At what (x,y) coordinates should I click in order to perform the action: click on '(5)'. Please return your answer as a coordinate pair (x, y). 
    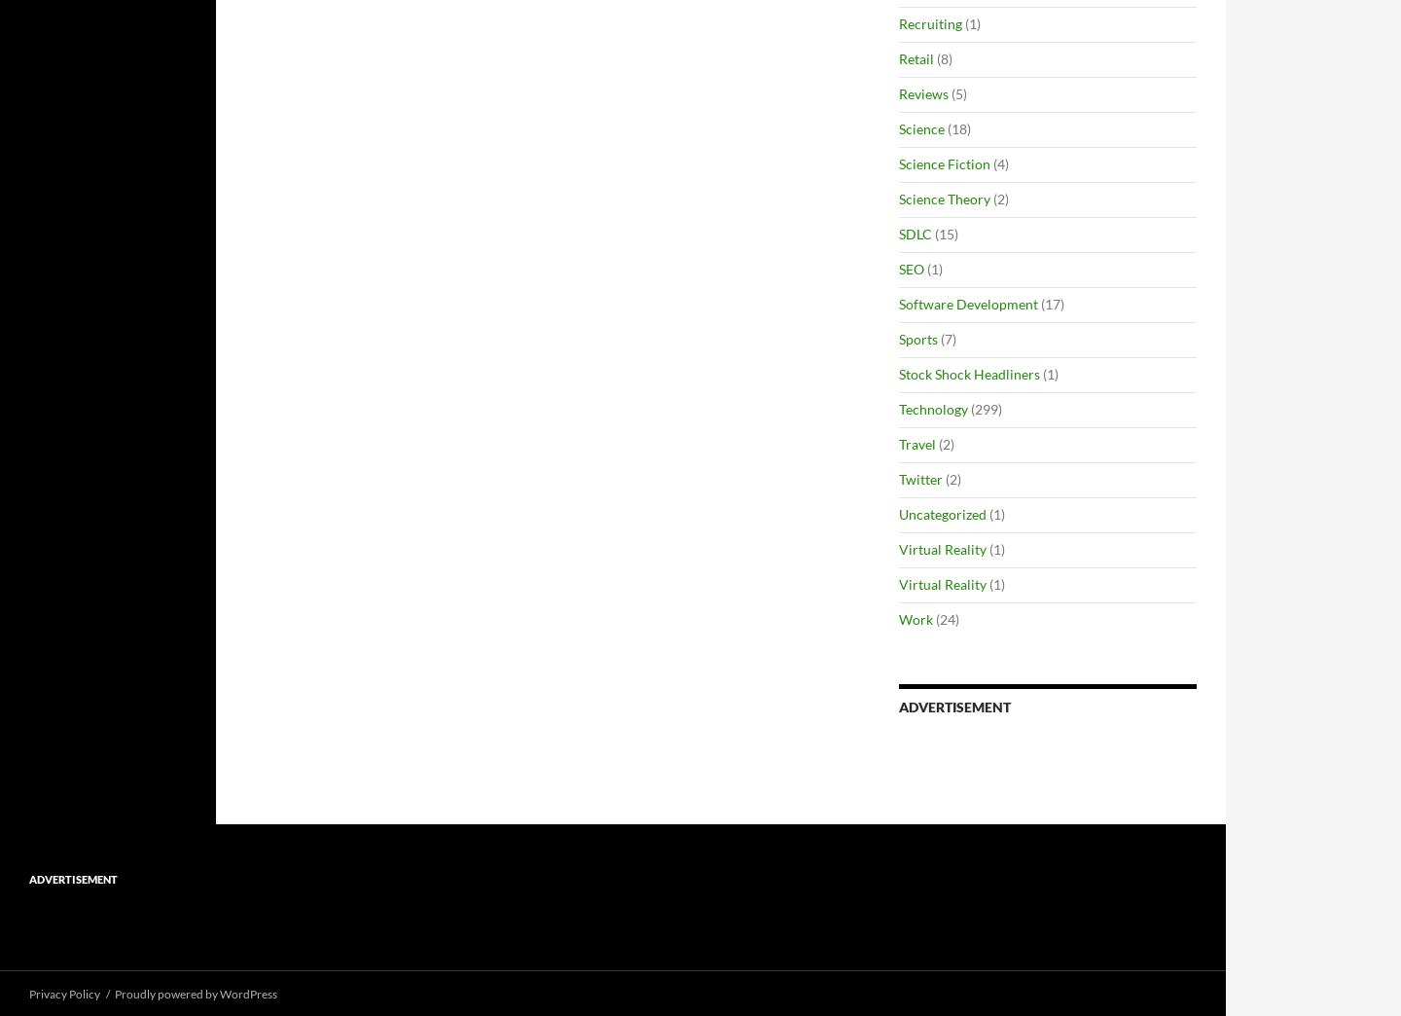
    Looking at the image, I should click on (956, 93).